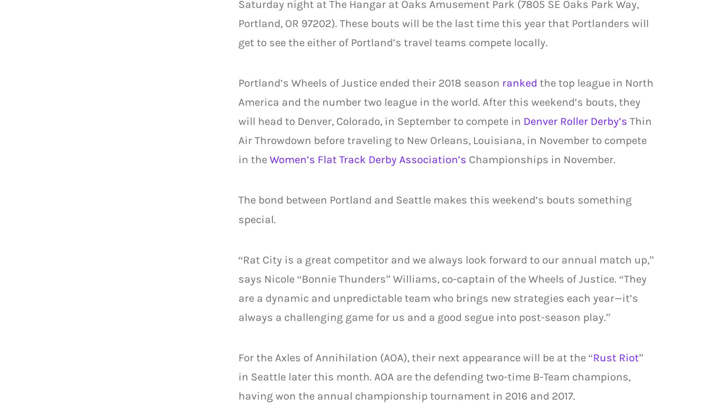 The height and width of the screenshot is (410, 711). What do you see at coordinates (237, 140) in the screenshot?
I see `'Thin Air Throwdown before traveling to New Orleans, Louisiana, in November to compete in the'` at bounding box center [237, 140].